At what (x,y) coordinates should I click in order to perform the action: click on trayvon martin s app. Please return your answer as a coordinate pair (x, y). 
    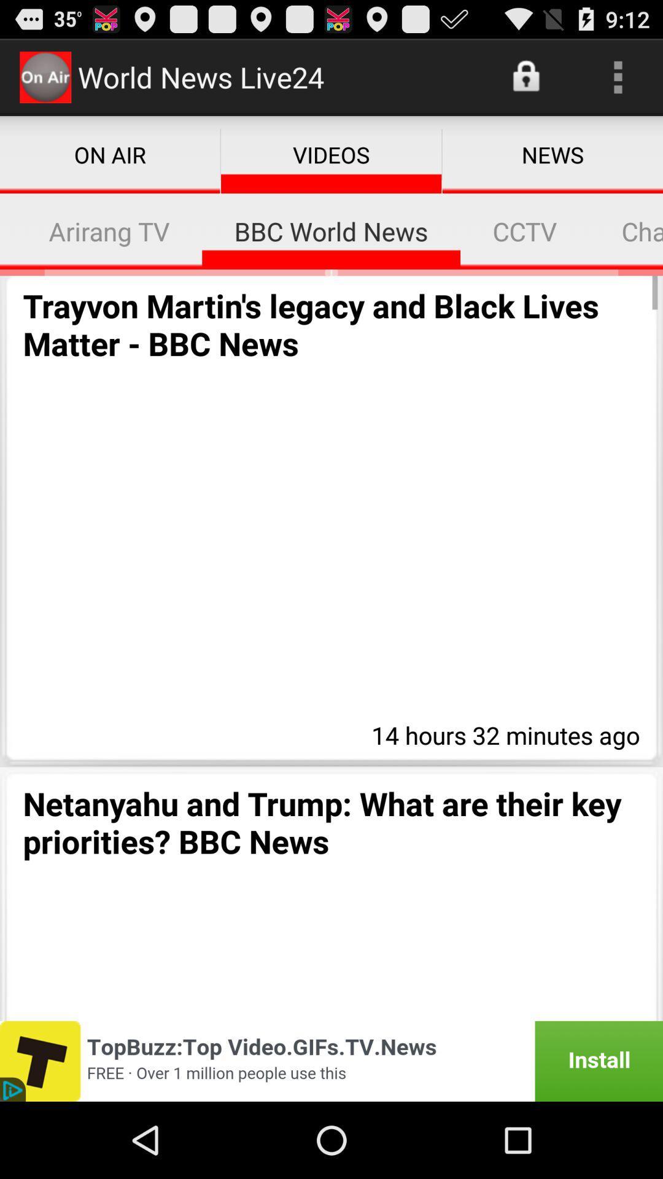
    Looking at the image, I should click on (331, 324).